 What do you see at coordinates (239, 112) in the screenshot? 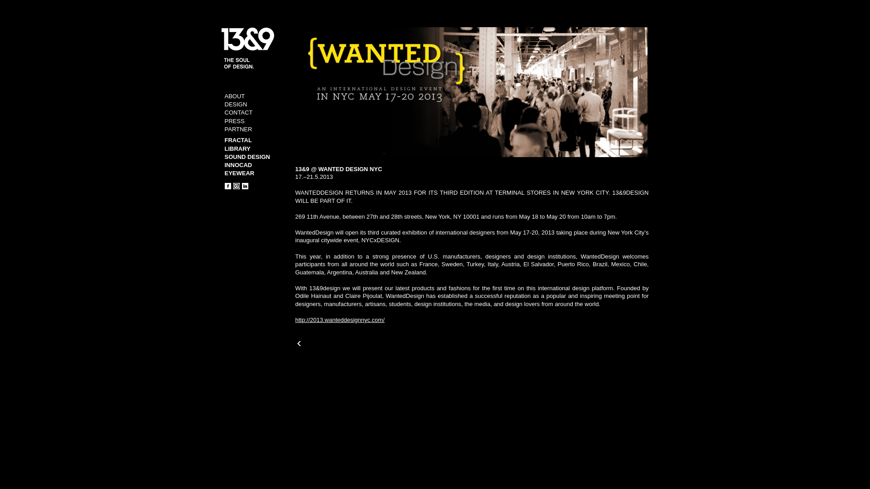
I see `'CONTACT'` at bounding box center [239, 112].